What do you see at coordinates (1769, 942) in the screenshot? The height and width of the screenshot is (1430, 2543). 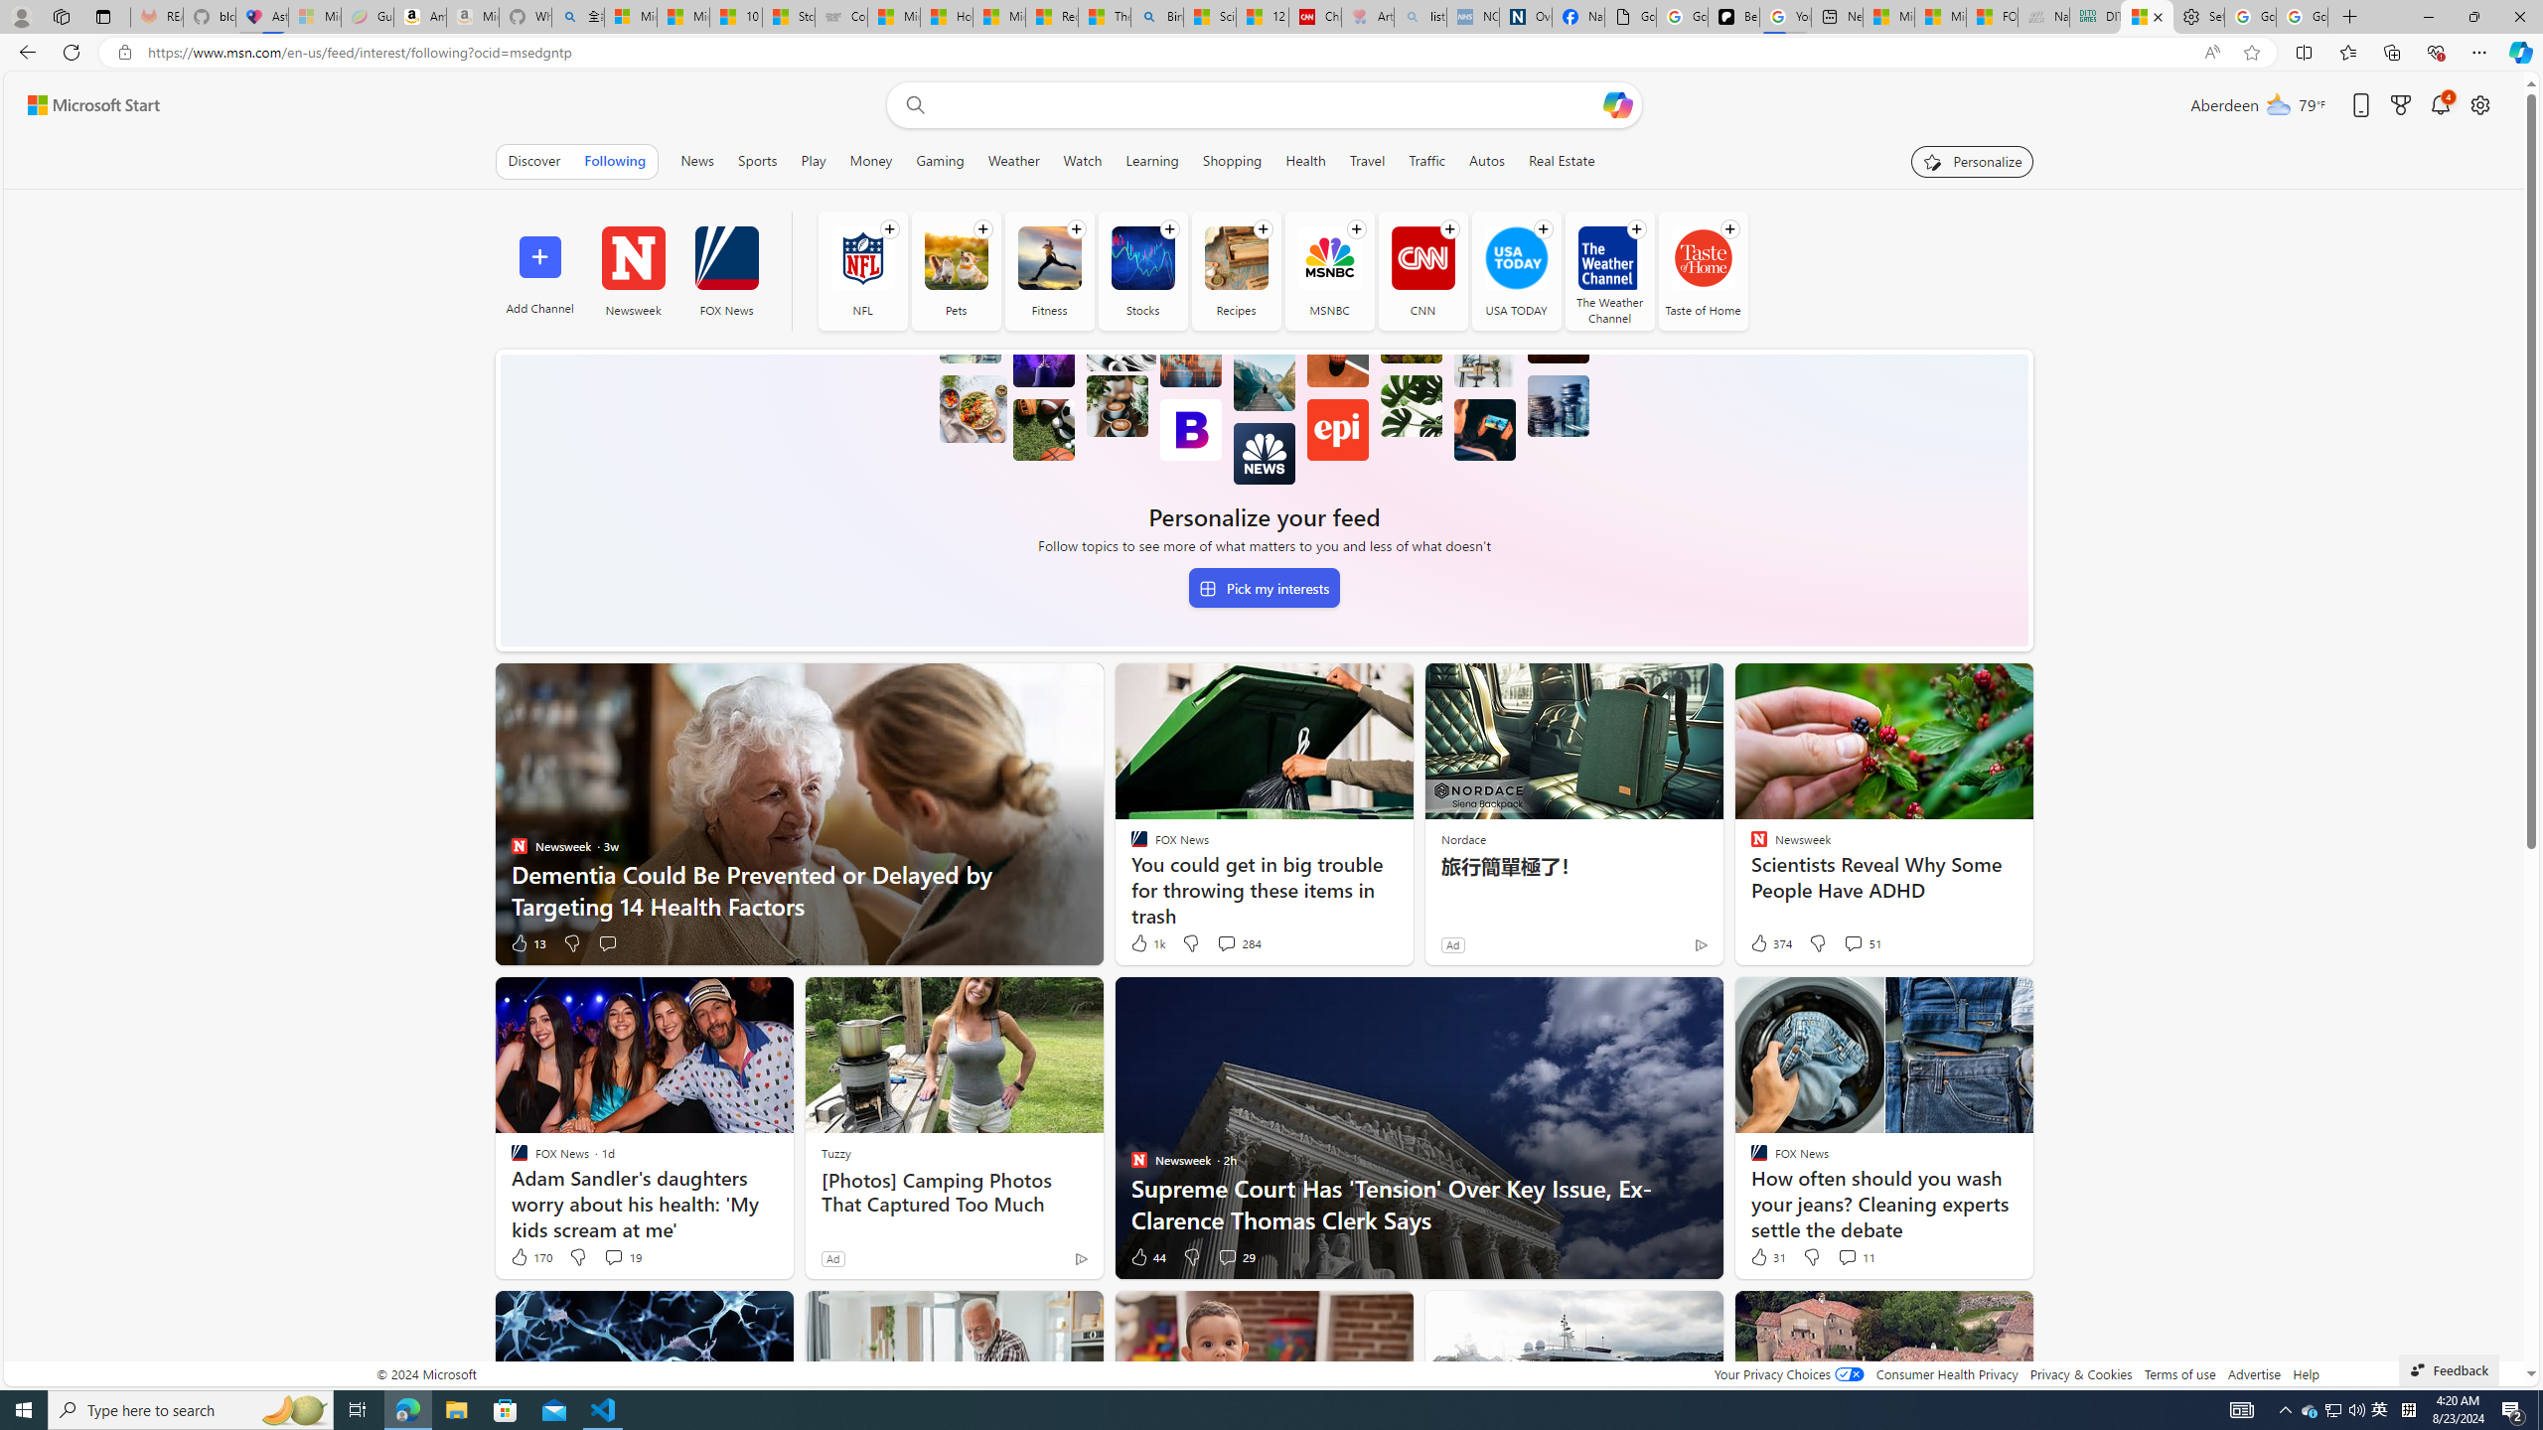 I see `'374 Like'` at bounding box center [1769, 942].